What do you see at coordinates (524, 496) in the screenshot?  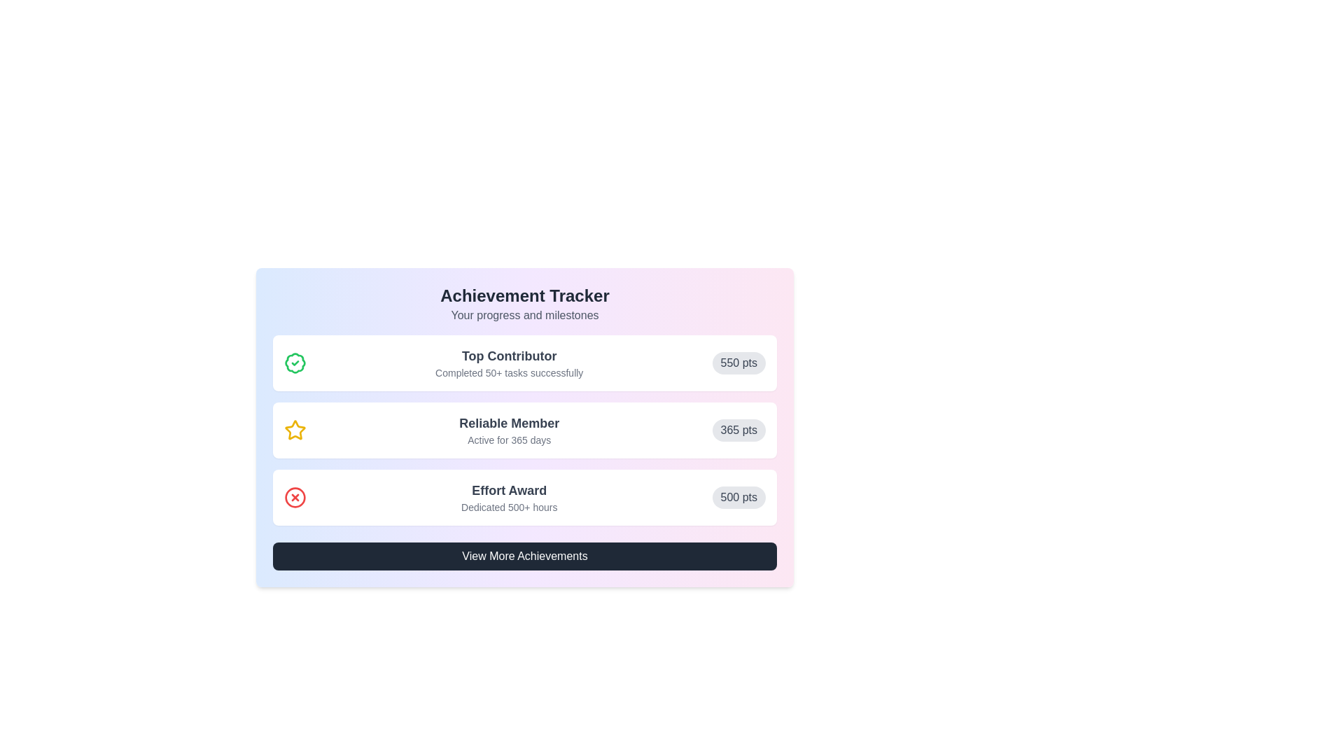 I see `the 'Effort Award' achievement item` at bounding box center [524, 496].